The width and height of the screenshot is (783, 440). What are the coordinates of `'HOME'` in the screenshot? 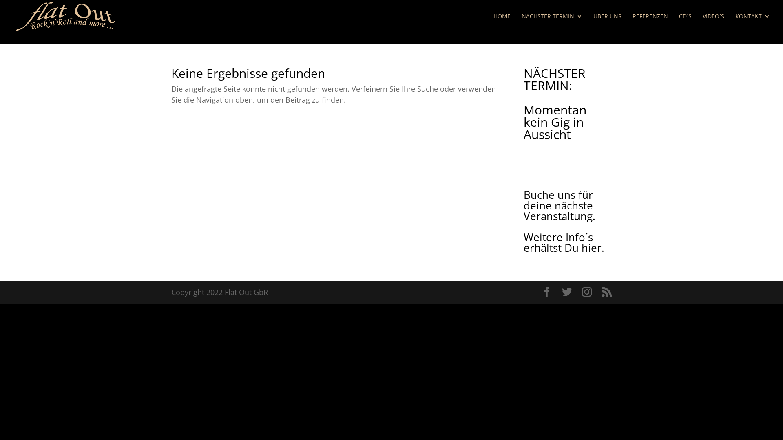 It's located at (501, 22).